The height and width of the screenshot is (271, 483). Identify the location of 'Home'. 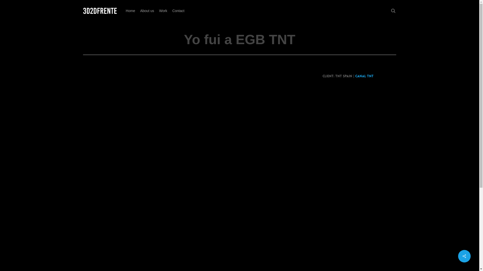
(123, 11).